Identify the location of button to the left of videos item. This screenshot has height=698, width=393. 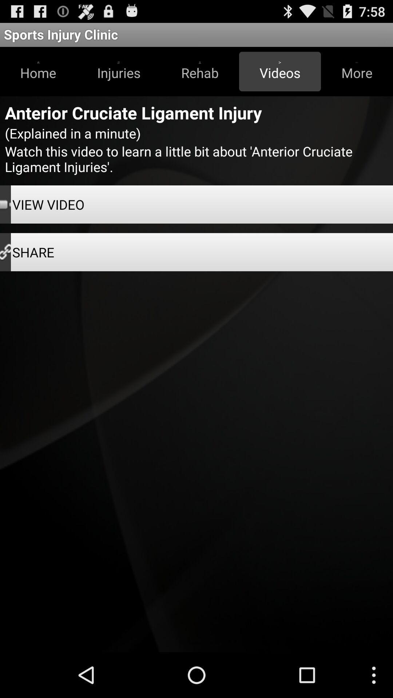
(200, 71).